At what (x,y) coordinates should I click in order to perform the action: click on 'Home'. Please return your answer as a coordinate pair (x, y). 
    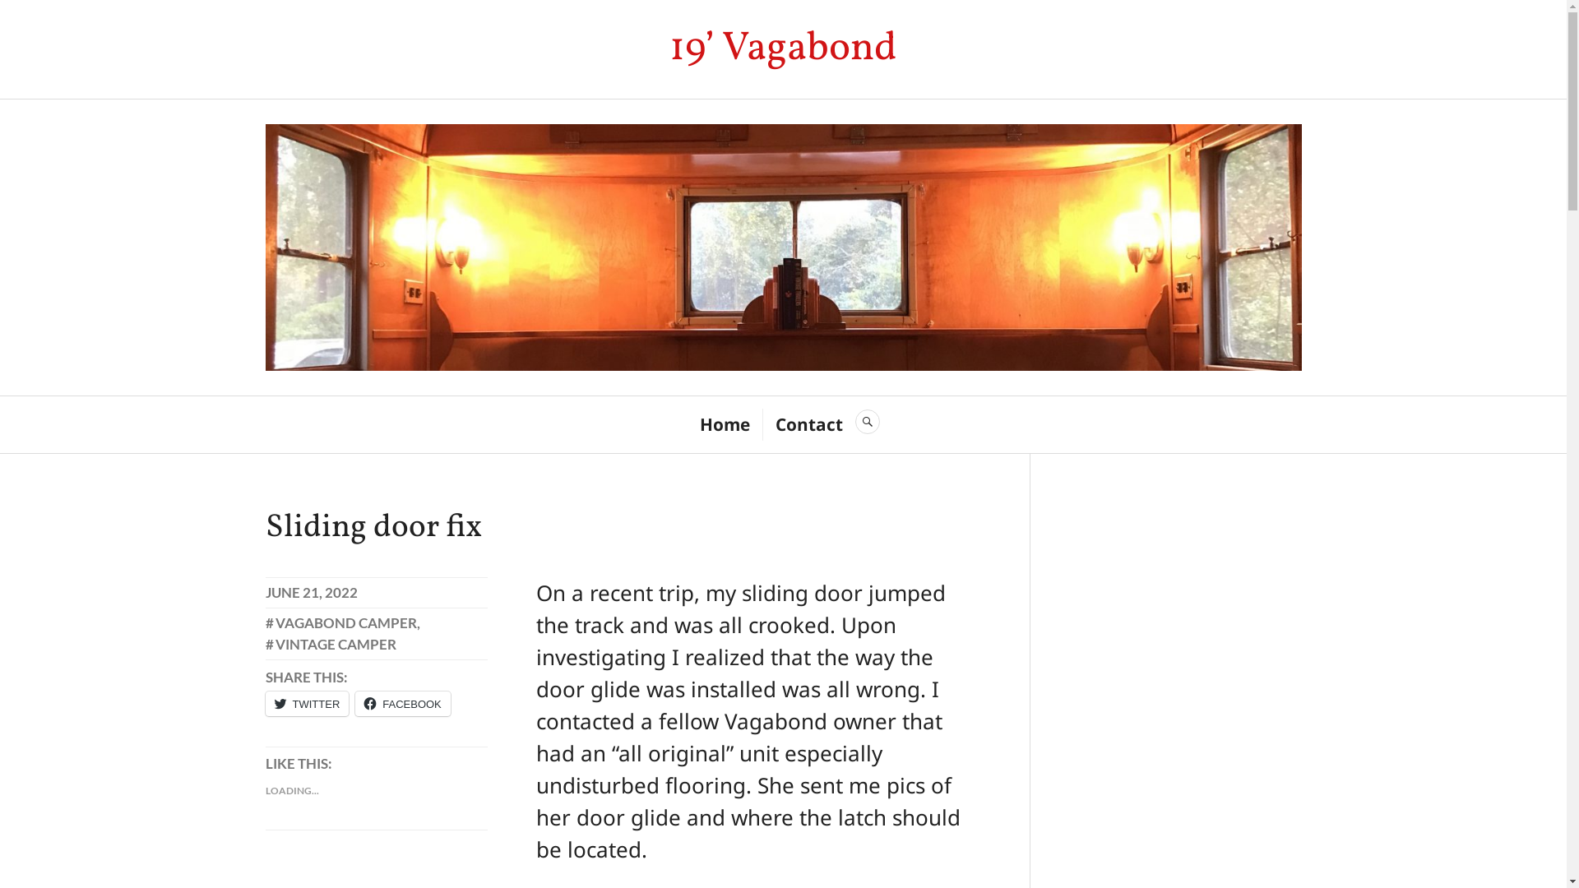
    Looking at the image, I should click on (724, 423).